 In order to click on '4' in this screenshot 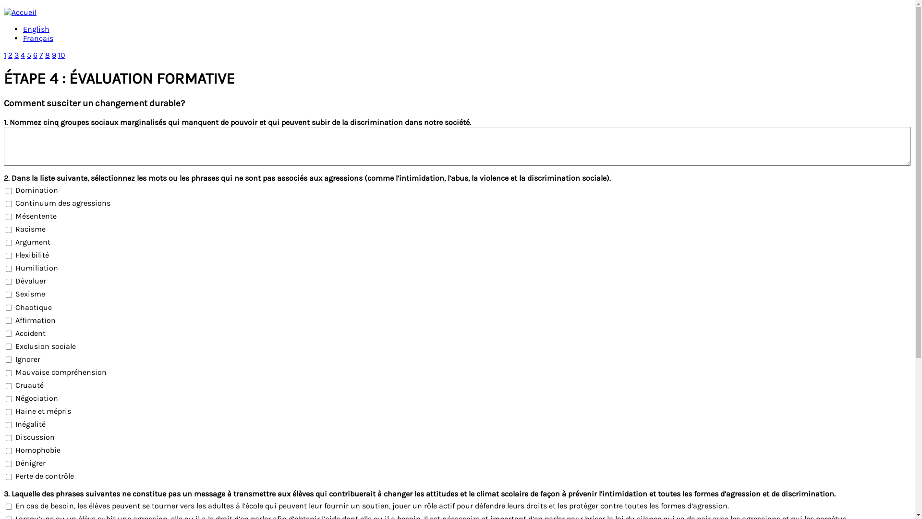, I will do `click(23, 55)`.